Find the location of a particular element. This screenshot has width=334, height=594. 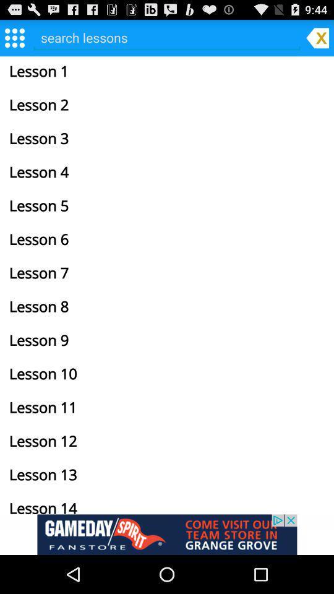

open menu is located at coordinates (14, 37).